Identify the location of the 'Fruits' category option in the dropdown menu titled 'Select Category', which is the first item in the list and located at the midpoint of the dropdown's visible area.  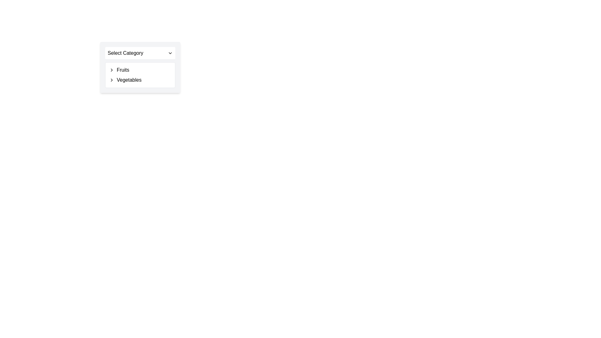
(140, 70).